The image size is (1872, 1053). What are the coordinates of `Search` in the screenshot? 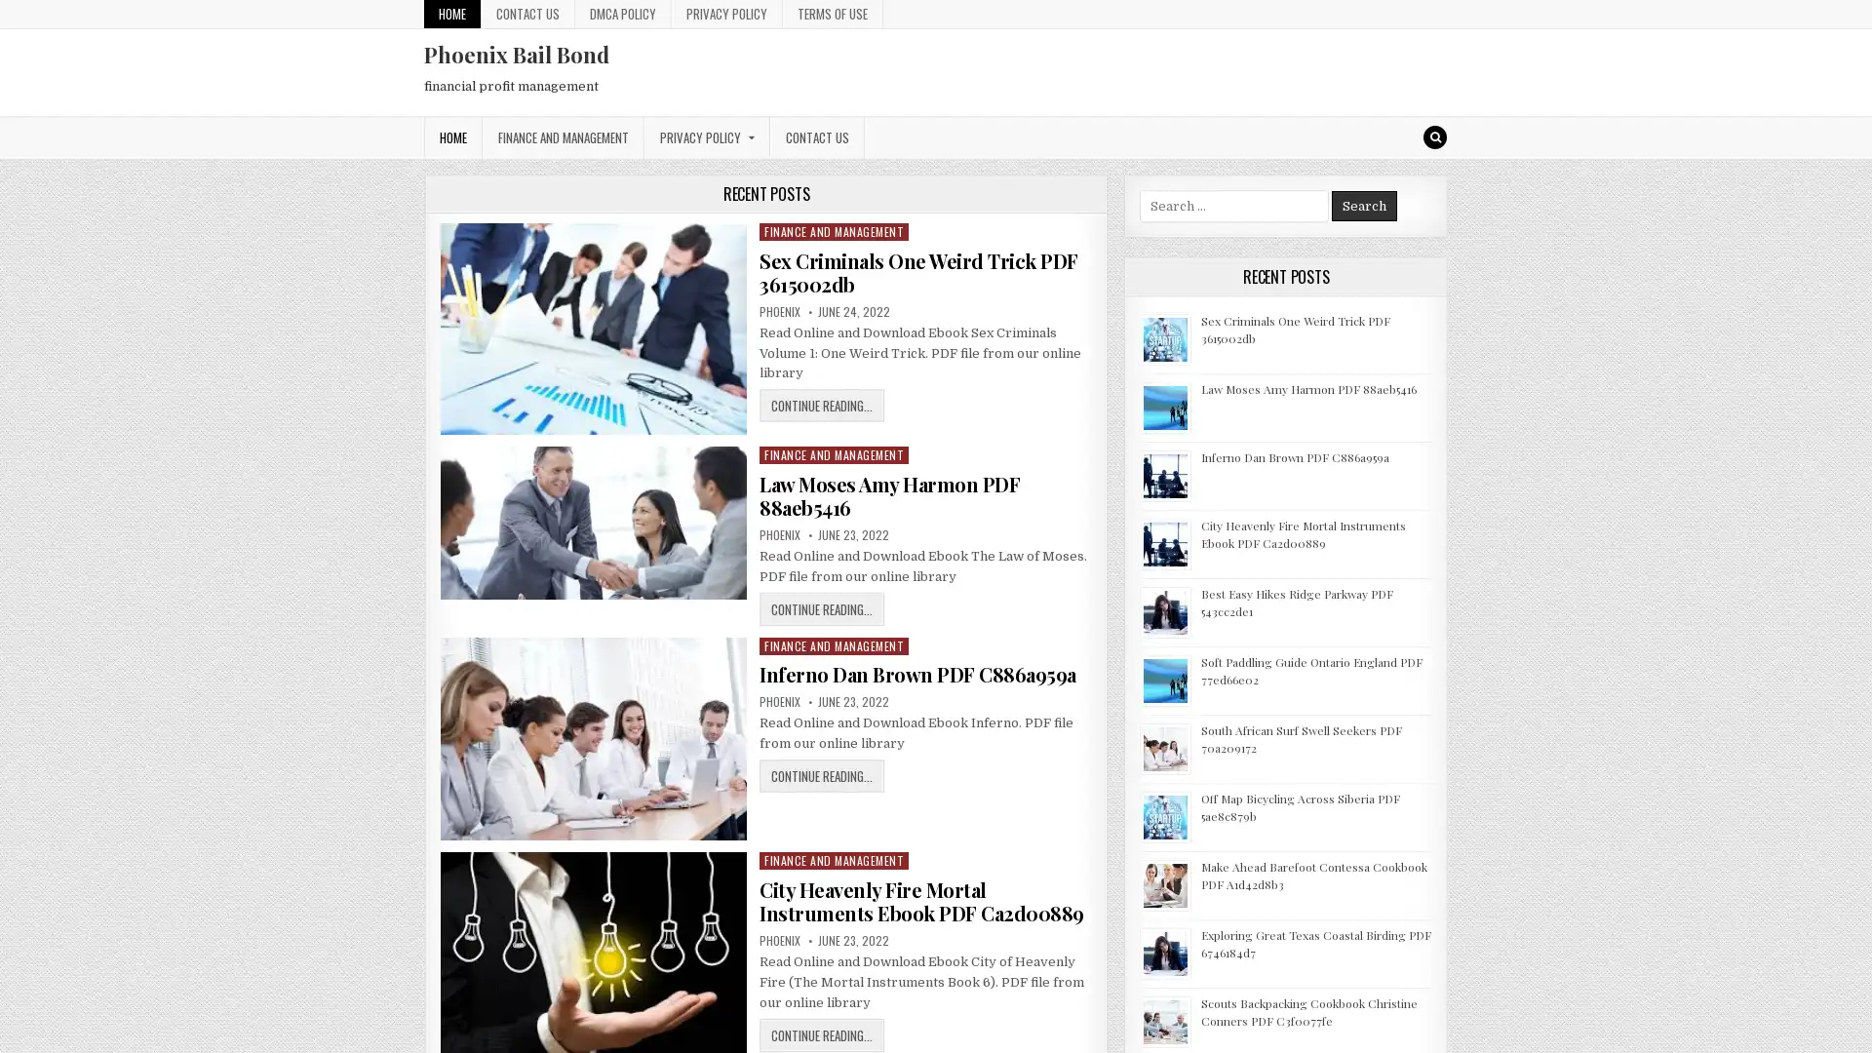 It's located at (1363, 206).